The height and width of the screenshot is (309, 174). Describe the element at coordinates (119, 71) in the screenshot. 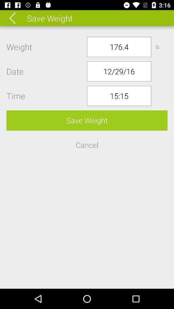

I see `button below 176.4 item` at that location.